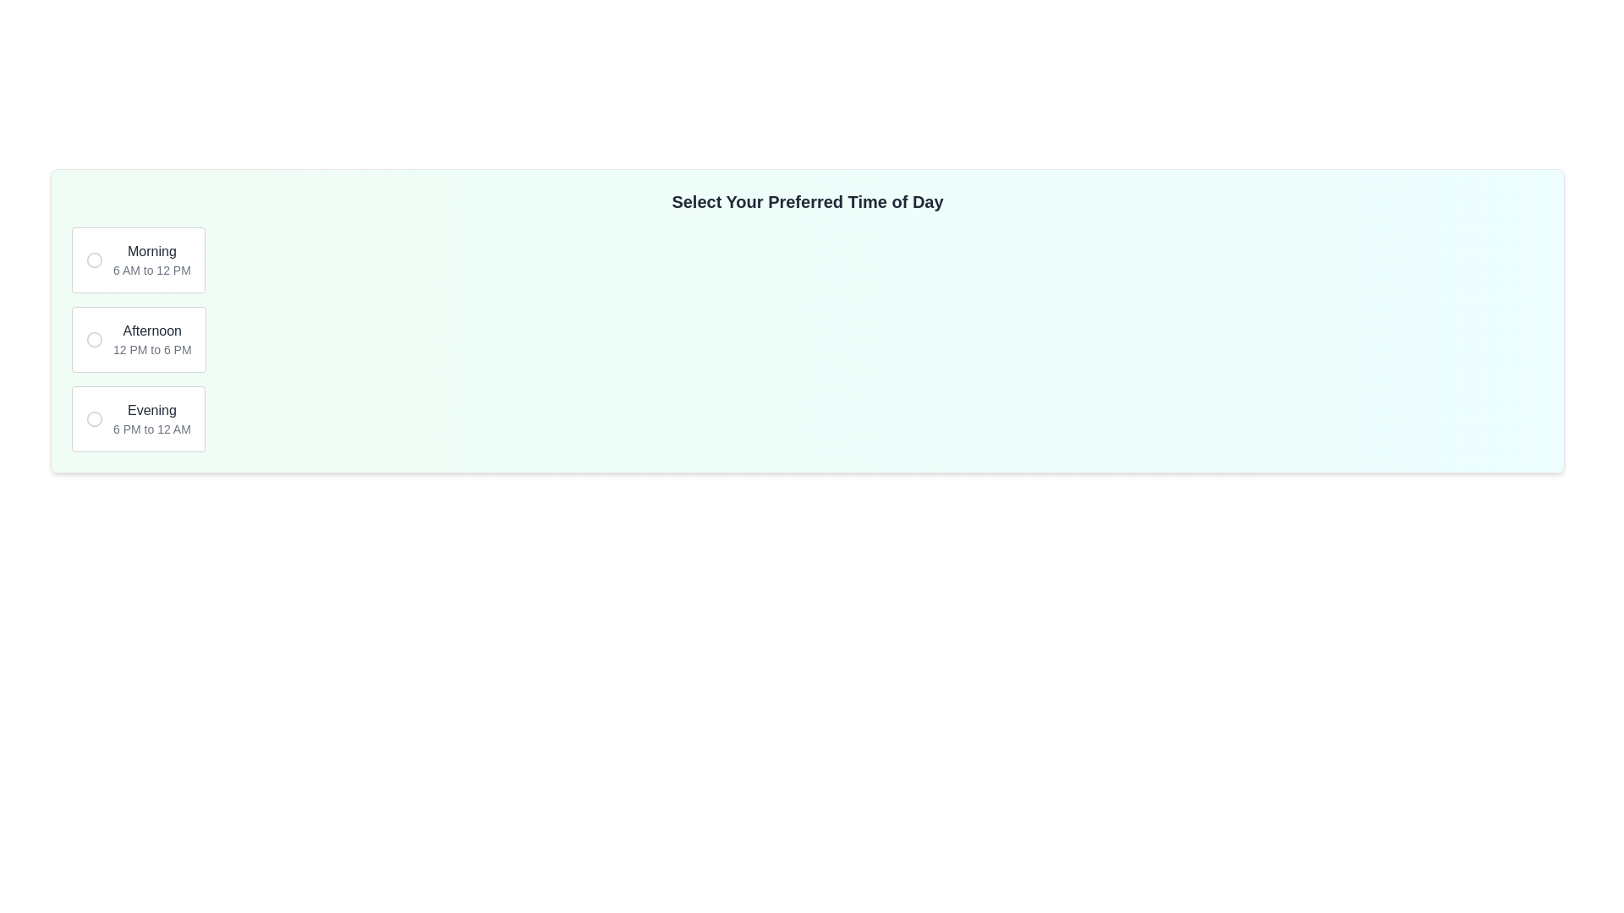  I want to click on the Circle SVG graphical element representing the 'Evening' option in the selection set of radio buttons, so click(93, 418).